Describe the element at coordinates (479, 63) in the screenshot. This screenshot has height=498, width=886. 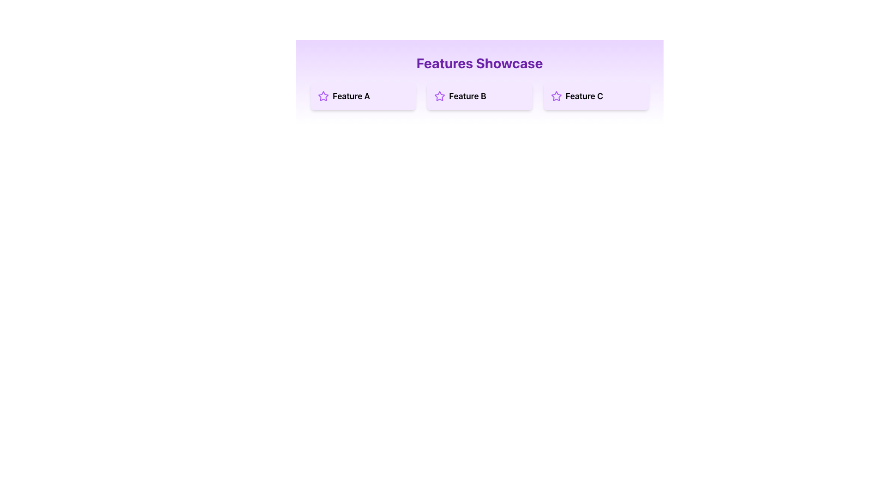
I see `the heading text label 'Features Showcase' which is bold, large, and purple, located at the top central area of the section` at that location.